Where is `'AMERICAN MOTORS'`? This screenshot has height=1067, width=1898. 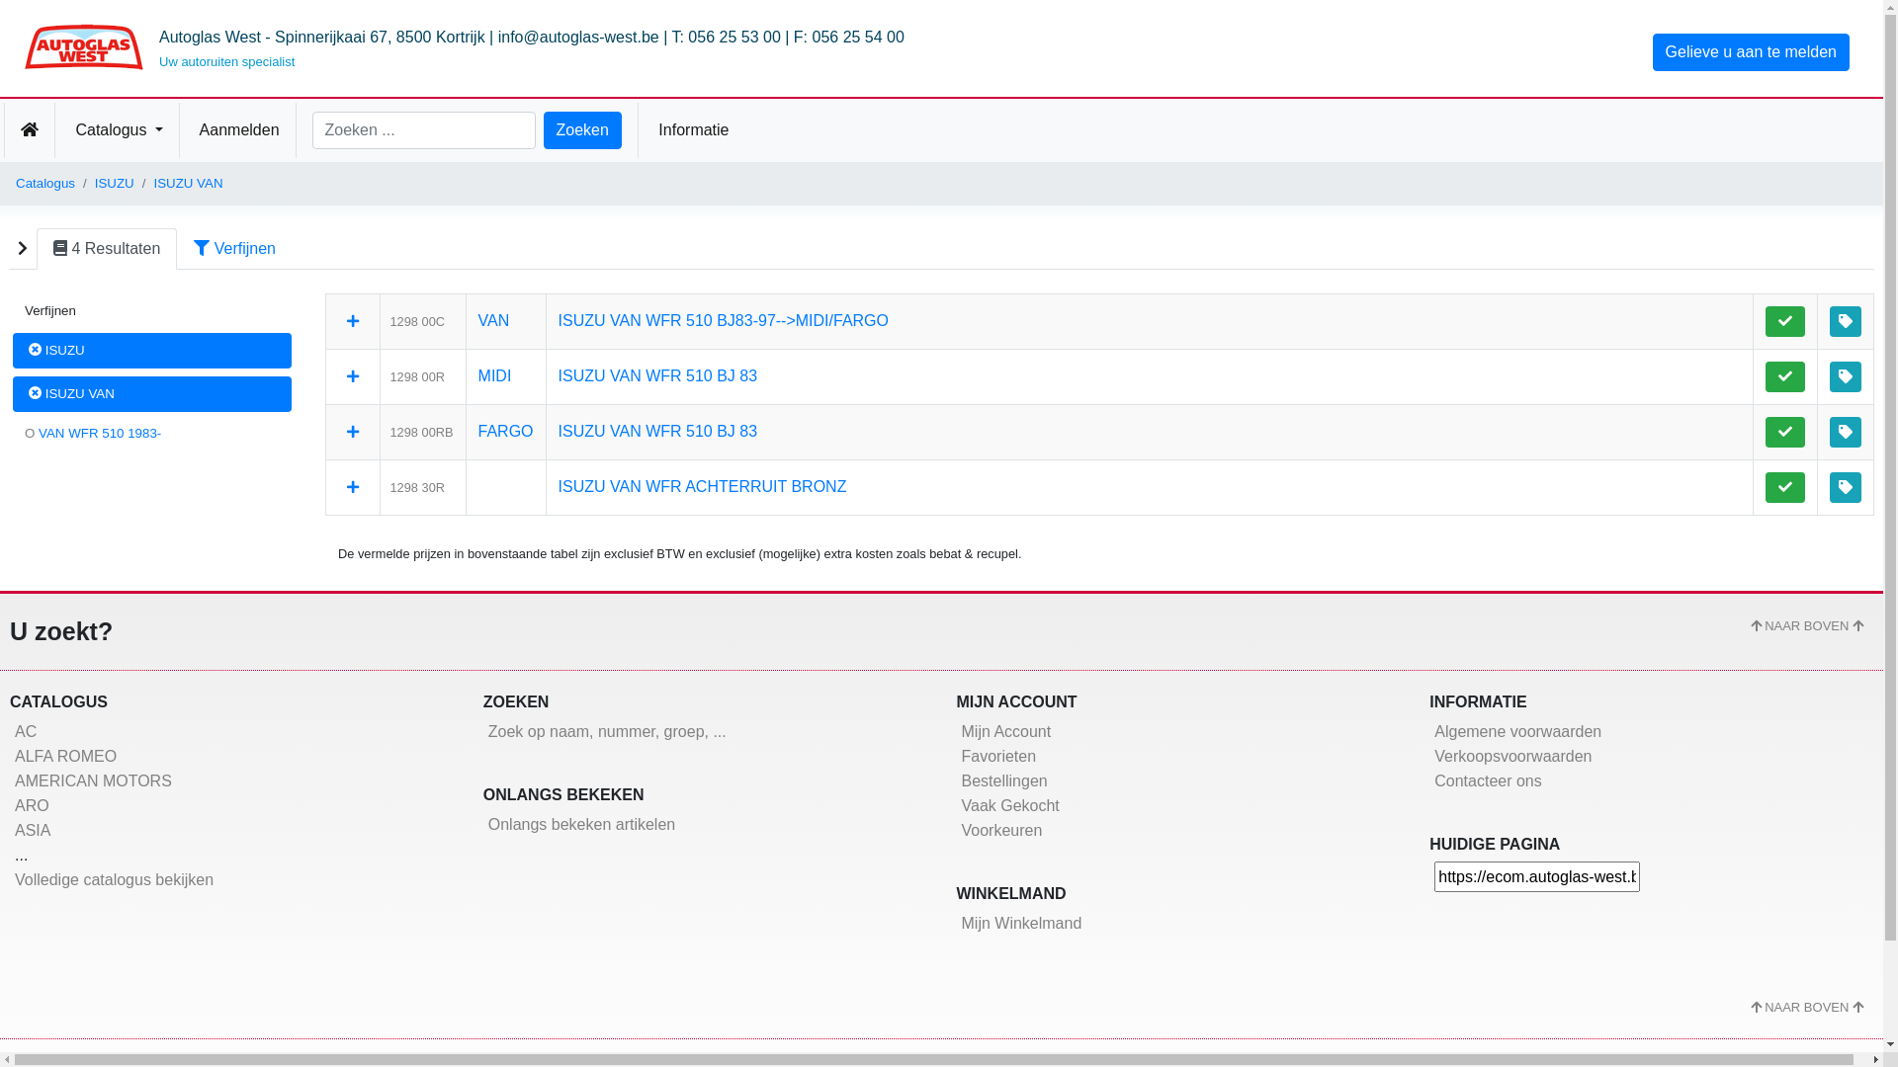 'AMERICAN MOTORS' is located at coordinates (92, 780).